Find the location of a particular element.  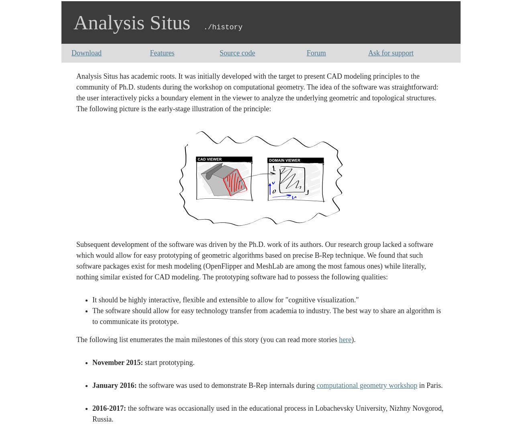

'It should be highly interactive, flexible and extensible to allow for "cognitive visualization."' is located at coordinates (92, 300).